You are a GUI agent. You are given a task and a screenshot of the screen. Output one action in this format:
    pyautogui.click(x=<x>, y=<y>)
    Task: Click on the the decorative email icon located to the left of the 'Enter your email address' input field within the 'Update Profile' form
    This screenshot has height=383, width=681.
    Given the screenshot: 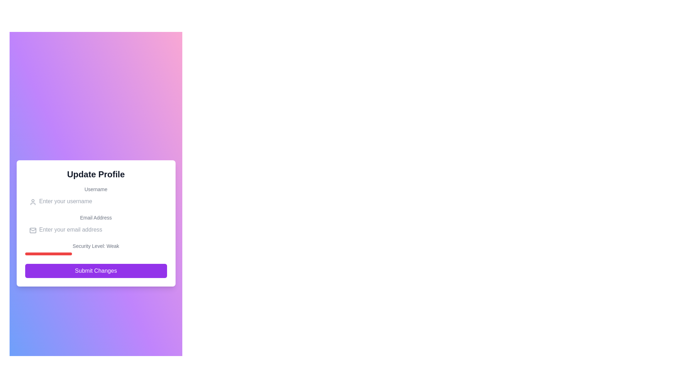 What is the action you would take?
    pyautogui.click(x=32, y=231)
    